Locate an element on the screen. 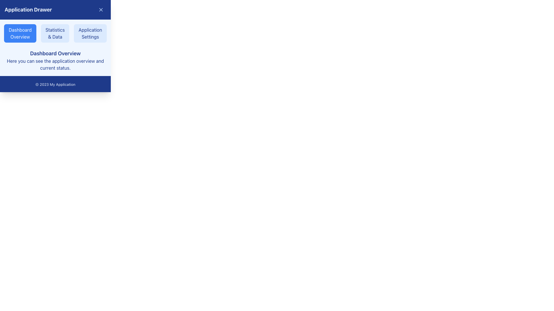  the Navigation Menu element containing three buttons labeled 'Dashboard Overview', 'Statistics & Data', and 'Application Settings' is located at coordinates (55, 33).